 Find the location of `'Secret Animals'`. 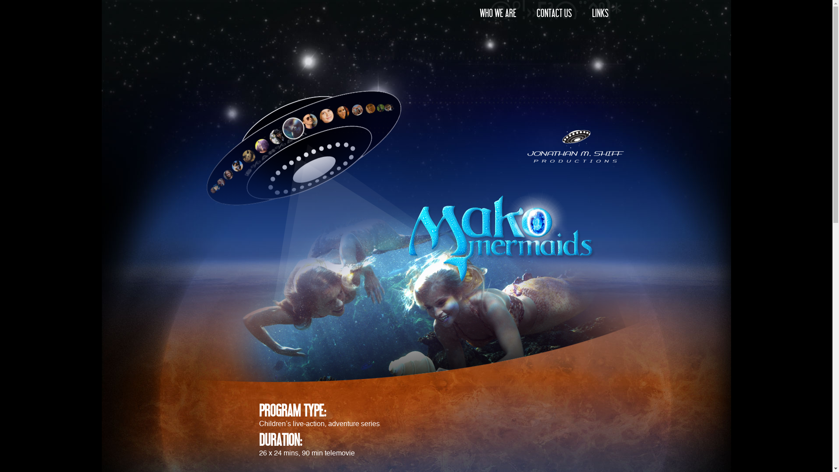

'Secret Animals' is located at coordinates (246, 156).